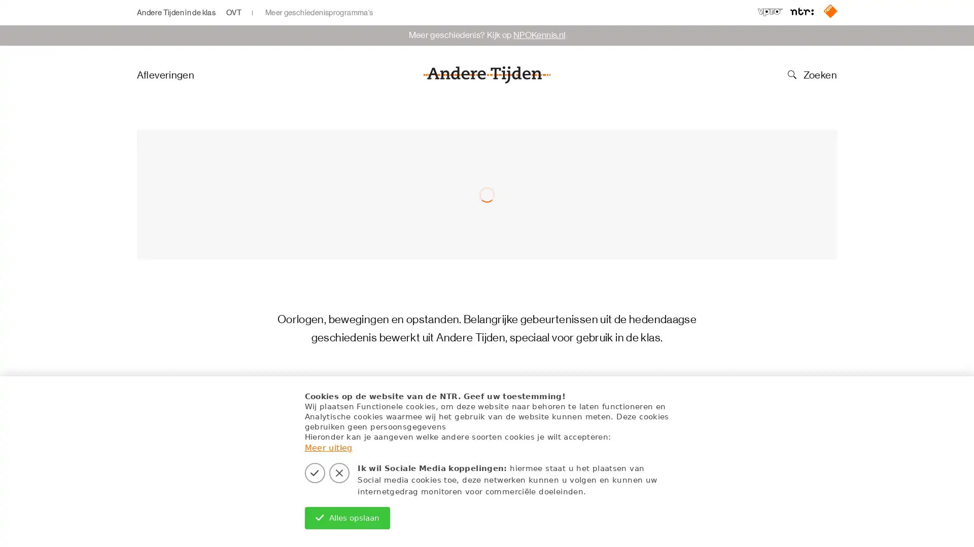 The height and width of the screenshot is (547, 974). I want to click on Alles opslaan, so click(347, 518).